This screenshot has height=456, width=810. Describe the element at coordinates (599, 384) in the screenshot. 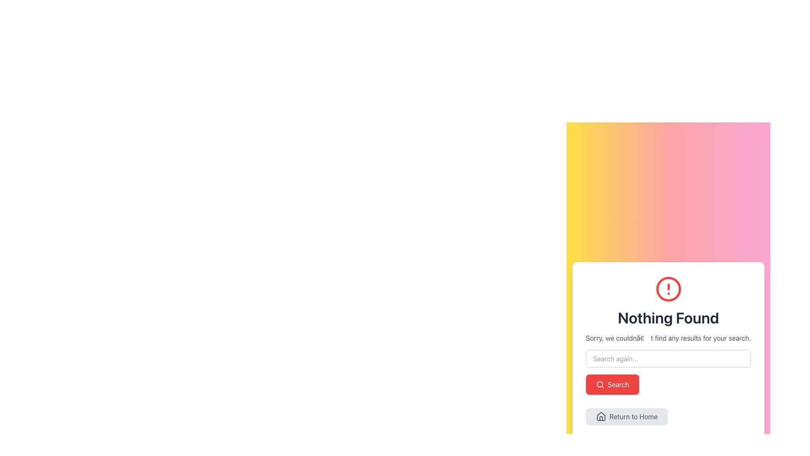

I see `the search icon located within the red 'Search' button at the lower section of the panel, which is centered within the button` at that location.